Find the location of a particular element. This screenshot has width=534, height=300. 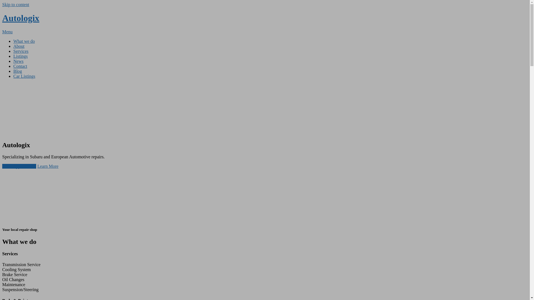

'About' is located at coordinates (19, 46).